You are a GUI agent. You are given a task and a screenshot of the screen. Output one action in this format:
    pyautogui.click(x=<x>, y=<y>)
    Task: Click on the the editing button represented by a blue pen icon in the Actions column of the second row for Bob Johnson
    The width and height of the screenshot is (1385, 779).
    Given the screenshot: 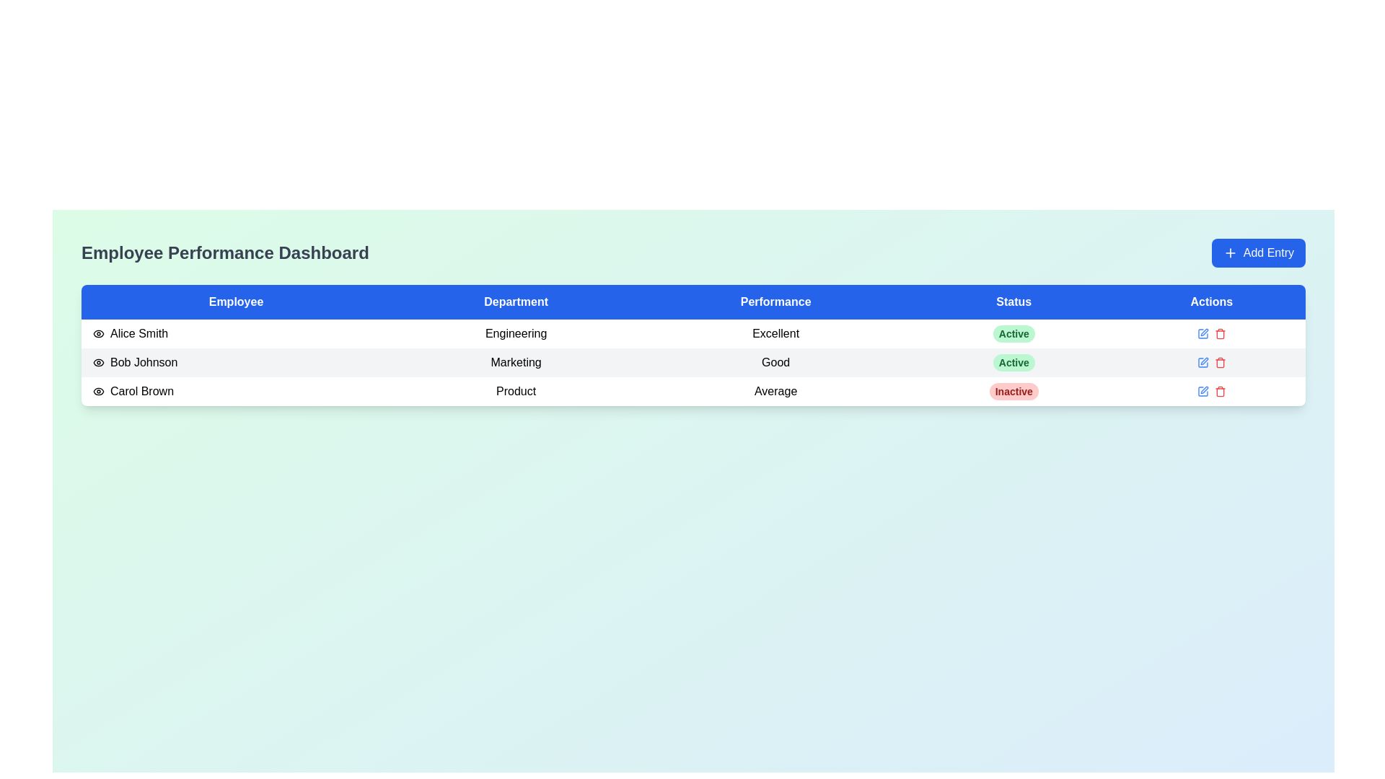 What is the action you would take?
    pyautogui.click(x=1202, y=333)
    